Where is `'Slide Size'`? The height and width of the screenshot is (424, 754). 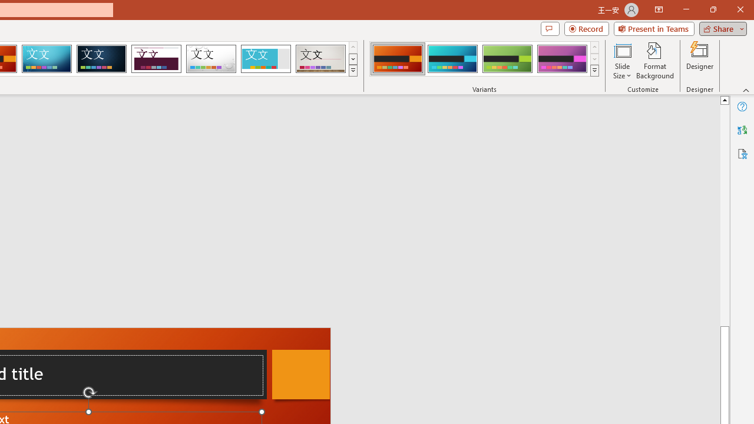 'Slide Size' is located at coordinates (621, 61).